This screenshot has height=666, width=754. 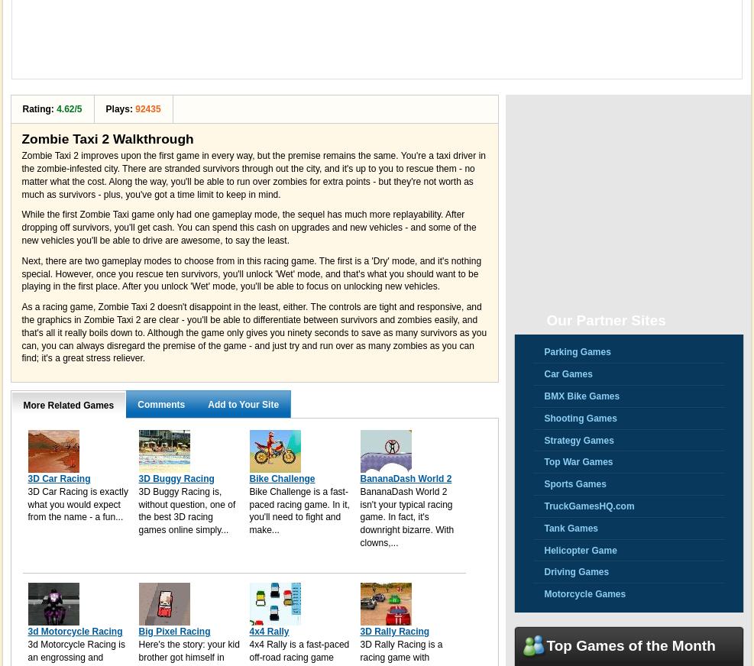 What do you see at coordinates (58, 478) in the screenshot?
I see `'3D Car Racing'` at bounding box center [58, 478].